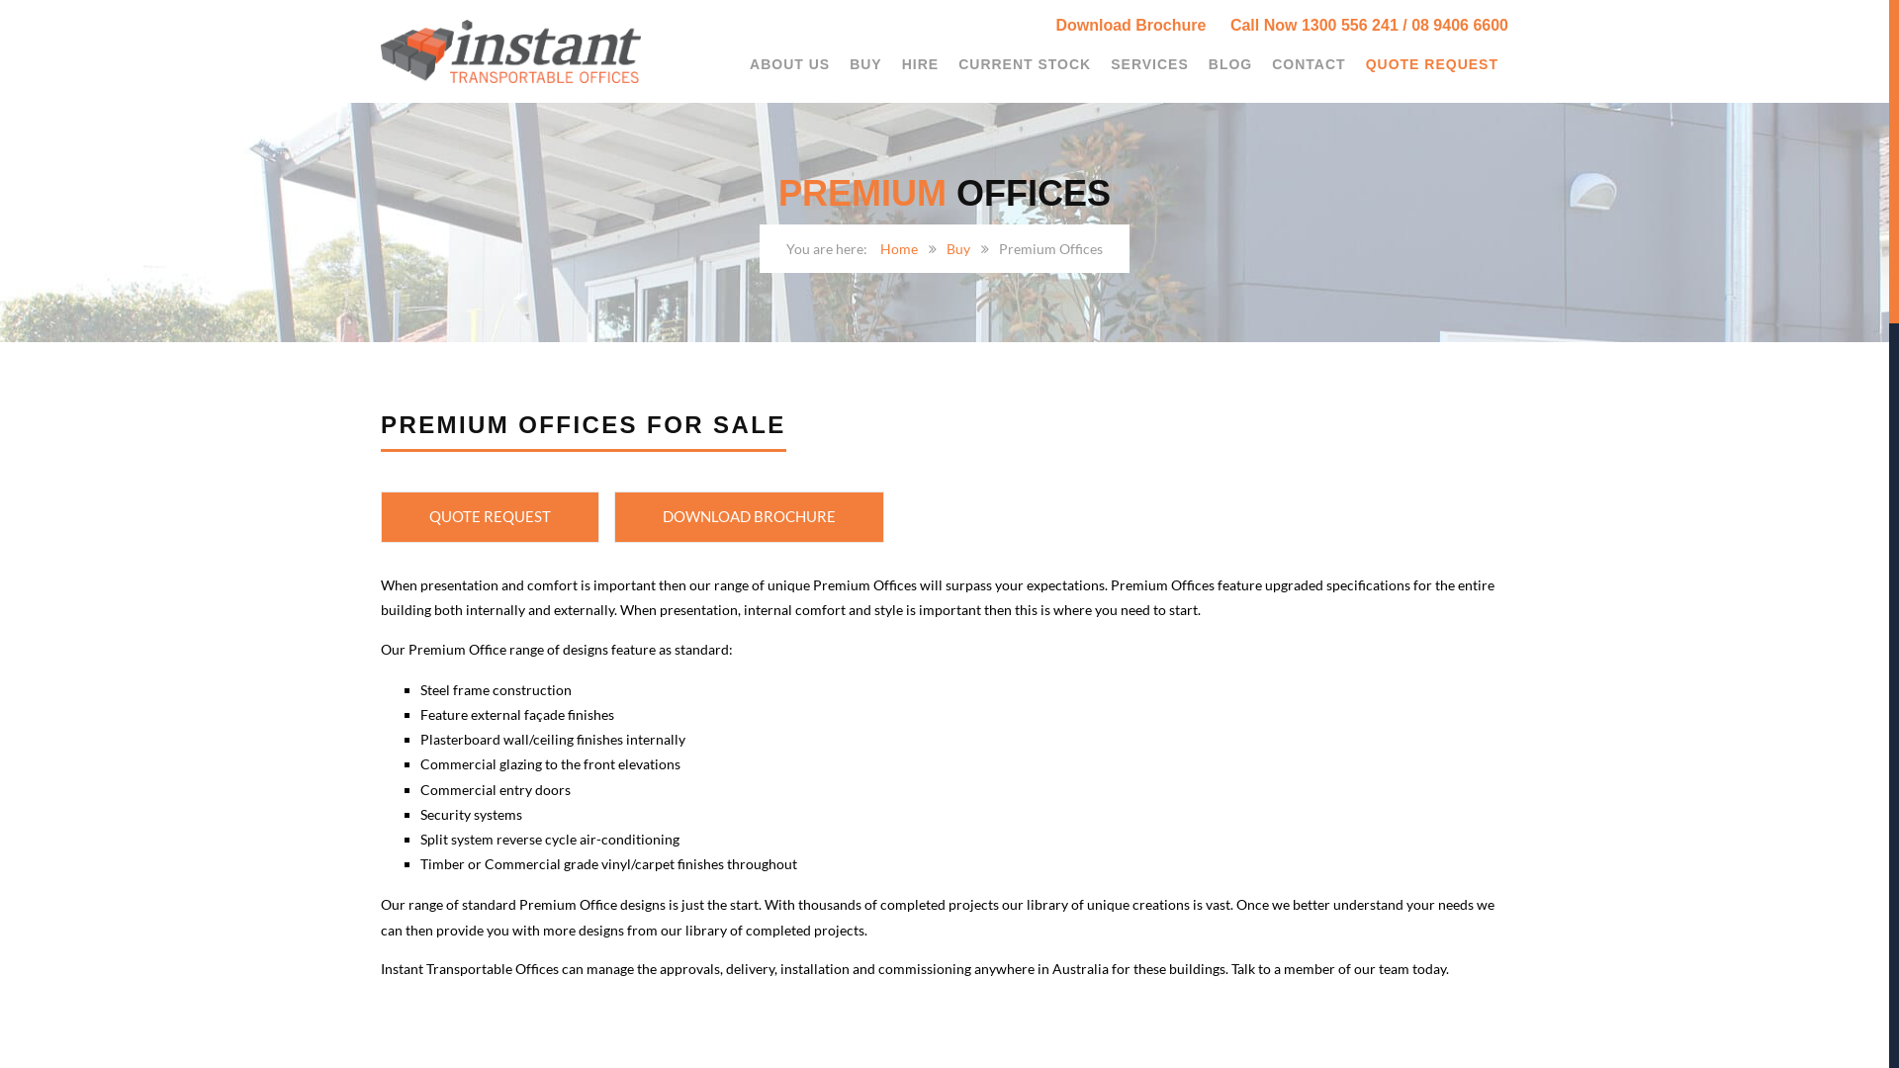 The image size is (1899, 1068). What do you see at coordinates (612, 516) in the screenshot?
I see `'DOWNLOAD BROCHURE'` at bounding box center [612, 516].